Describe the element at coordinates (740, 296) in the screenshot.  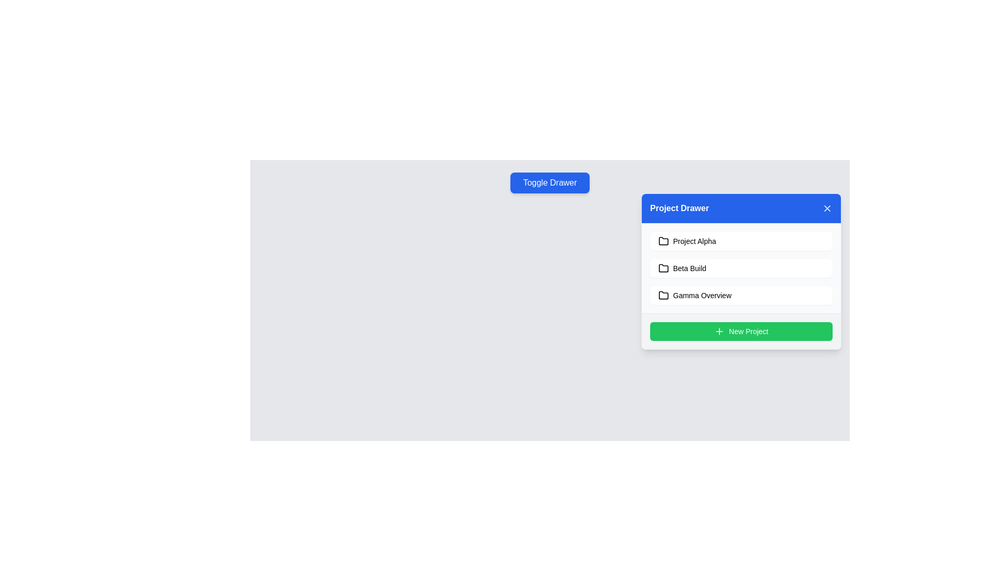
I see `the third item in the vertically stacked list within the 'Project Drawer'` at that location.